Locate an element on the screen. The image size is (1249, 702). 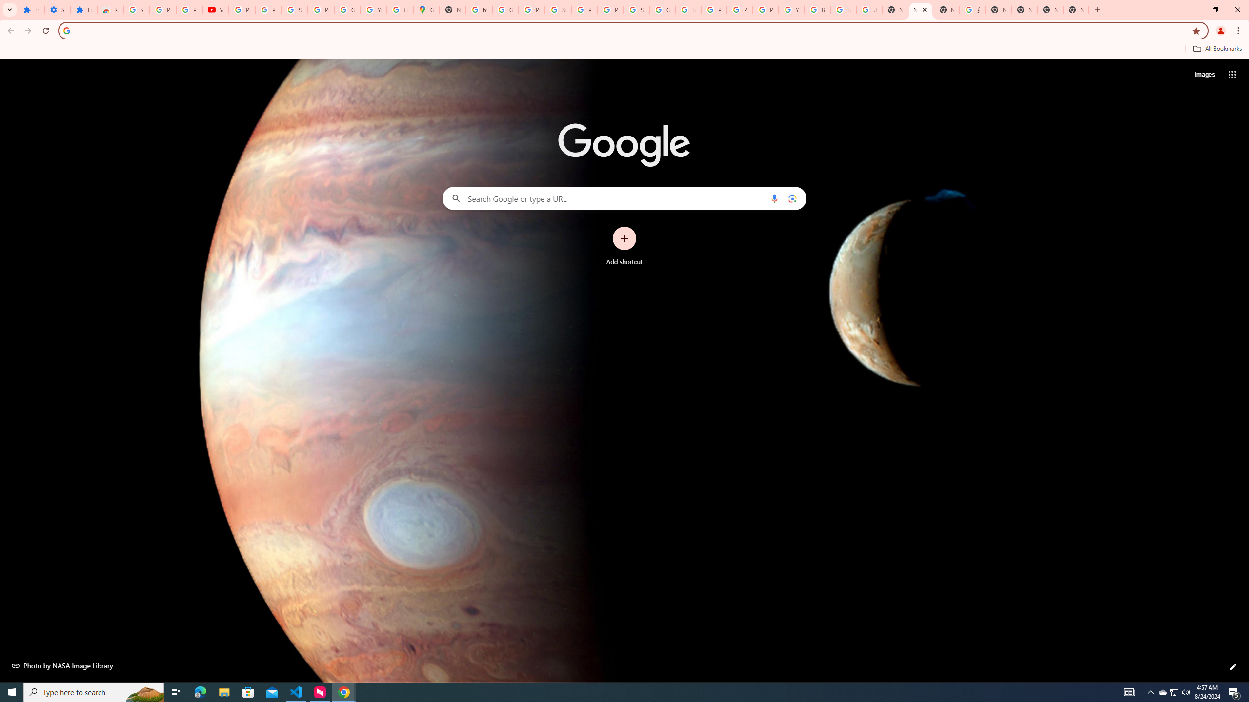
'YouTube' is located at coordinates (373, 9).